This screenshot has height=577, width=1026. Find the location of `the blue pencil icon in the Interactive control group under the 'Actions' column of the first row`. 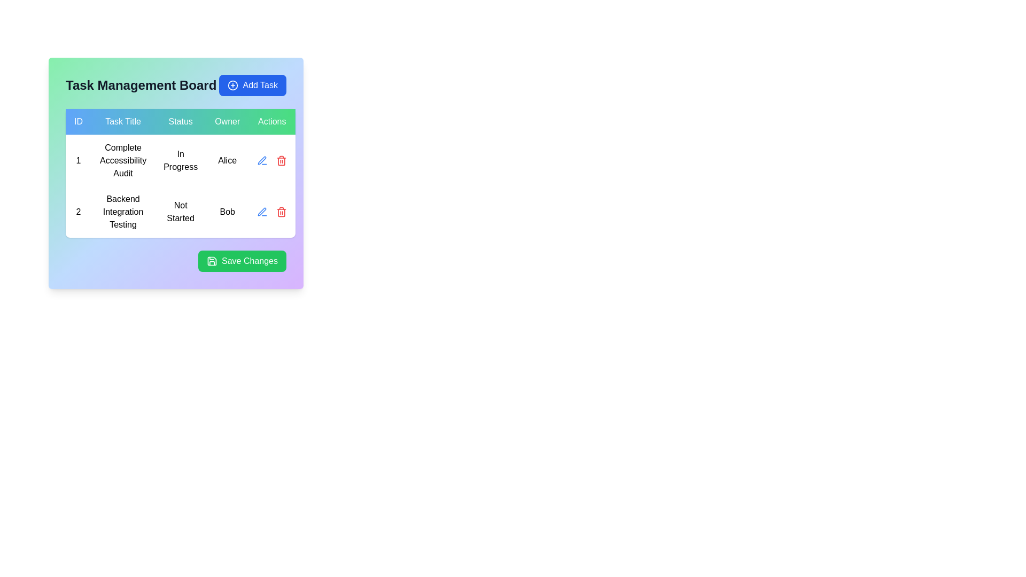

the blue pencil icon in the Interactive control group under the 'Actions' column of the first row is located at coordinates (272, 160).